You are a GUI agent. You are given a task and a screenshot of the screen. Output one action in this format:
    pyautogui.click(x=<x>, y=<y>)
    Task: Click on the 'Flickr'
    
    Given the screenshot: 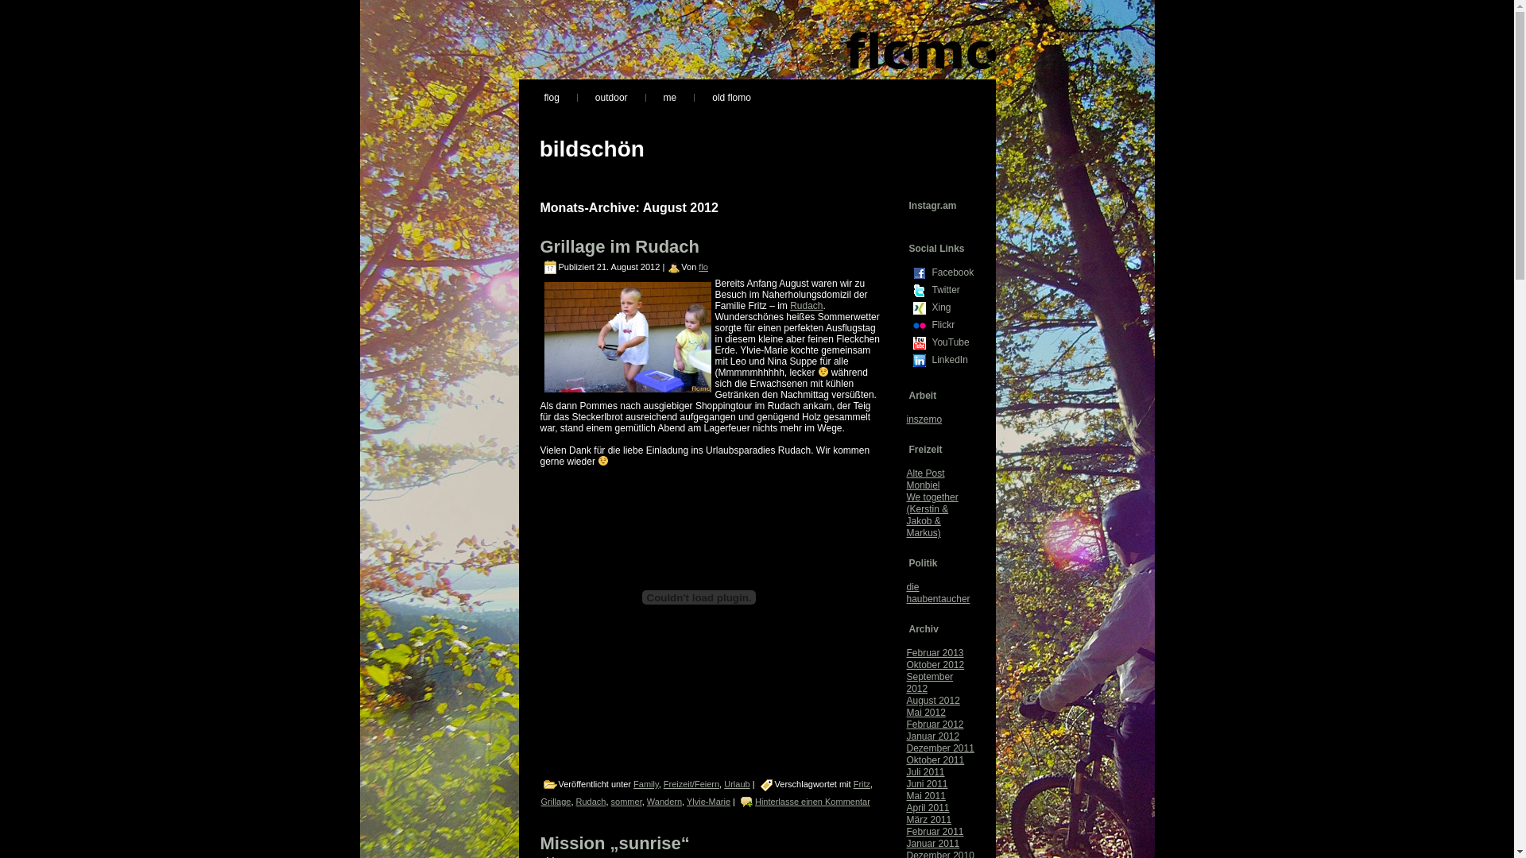 What is the action you would take?
    pyautogui.click(x=952, y=323)
    